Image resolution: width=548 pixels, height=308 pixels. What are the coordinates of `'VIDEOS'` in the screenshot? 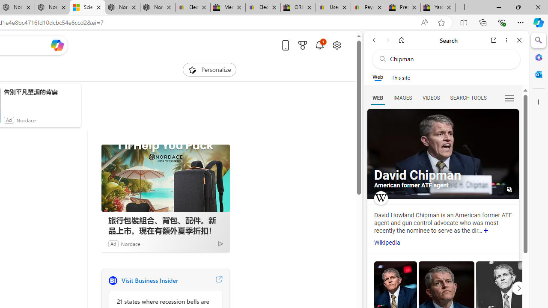 It's located at (431, 97).